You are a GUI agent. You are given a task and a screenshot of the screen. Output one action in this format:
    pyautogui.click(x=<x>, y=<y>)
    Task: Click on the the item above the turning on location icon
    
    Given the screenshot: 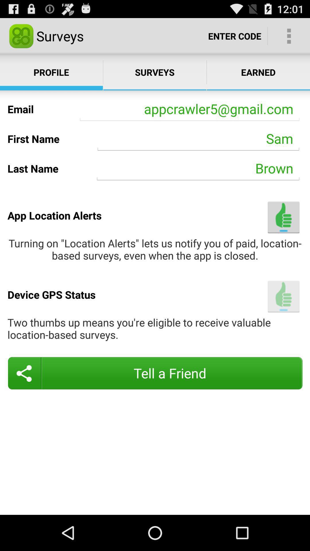 What is the action you would take?
    pyautogui.click(x=283, y=217)
    